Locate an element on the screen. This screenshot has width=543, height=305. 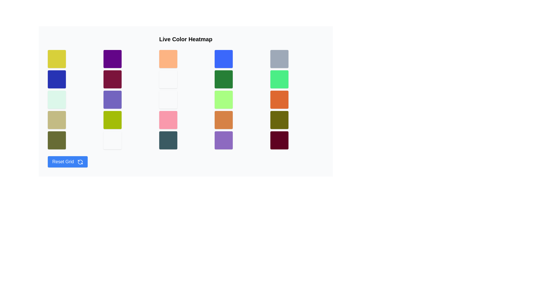
the decorative component, a square with rounded corners and a dark maroon background, located at the bottom of the fifth column in the grid layout is located at coordinates (279, 140).